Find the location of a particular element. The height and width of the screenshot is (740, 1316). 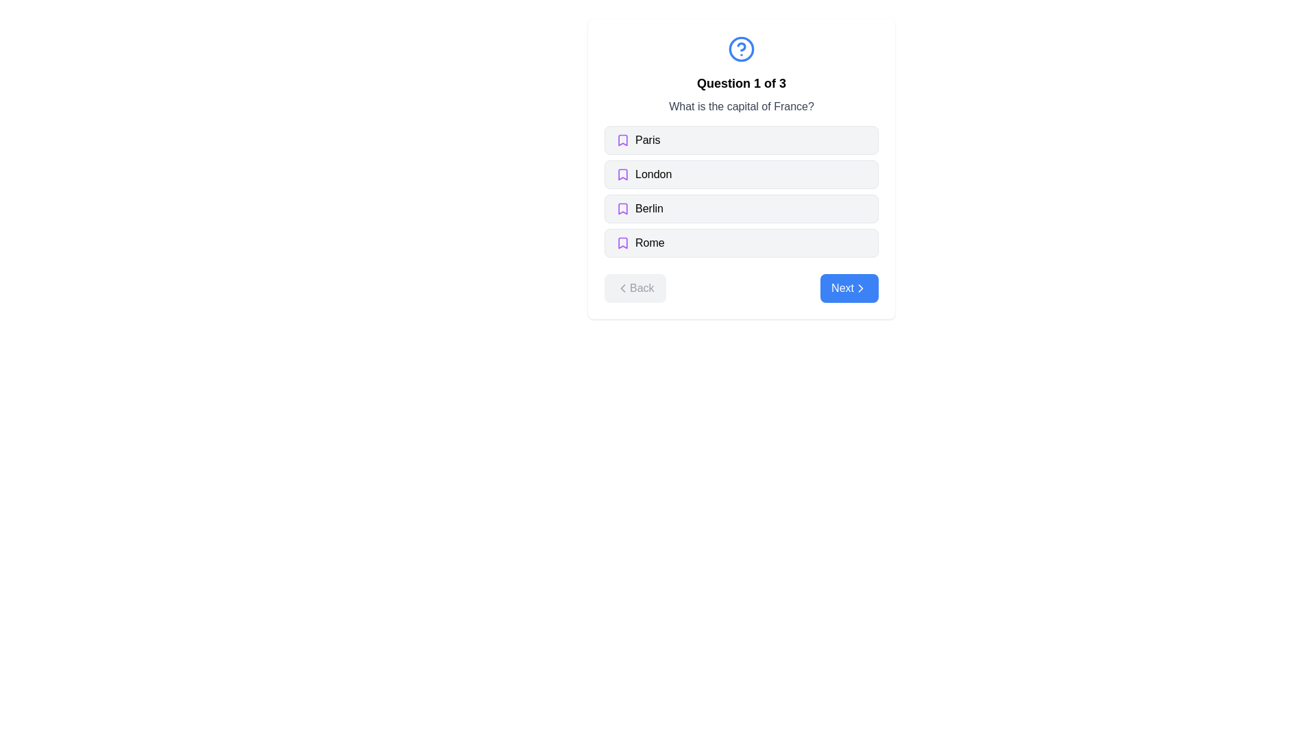

the purple bookmark icon located to the left of the text 'Rome' in the fourth item of the vertical list of options is located at coordinates (622, 242).